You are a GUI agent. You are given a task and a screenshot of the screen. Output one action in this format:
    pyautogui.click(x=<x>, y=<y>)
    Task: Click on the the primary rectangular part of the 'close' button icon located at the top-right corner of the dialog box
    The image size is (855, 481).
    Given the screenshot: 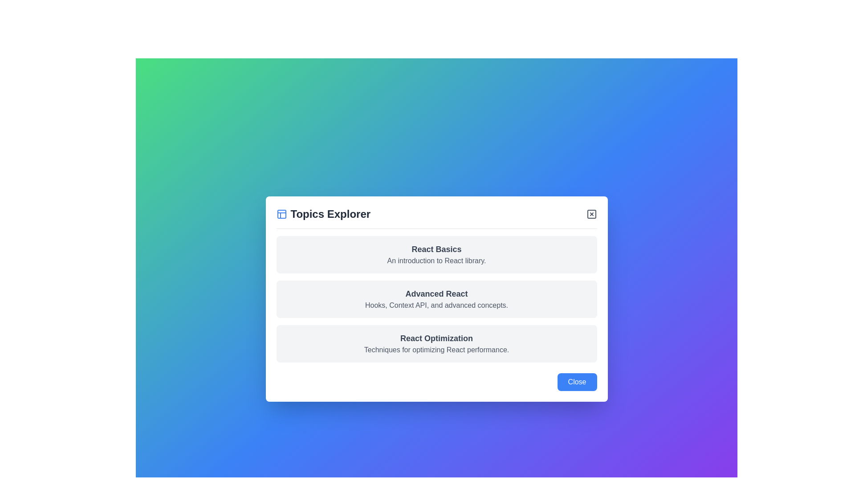 What is the action you would take?
    pyautogui.click(x=591, y=214)
    